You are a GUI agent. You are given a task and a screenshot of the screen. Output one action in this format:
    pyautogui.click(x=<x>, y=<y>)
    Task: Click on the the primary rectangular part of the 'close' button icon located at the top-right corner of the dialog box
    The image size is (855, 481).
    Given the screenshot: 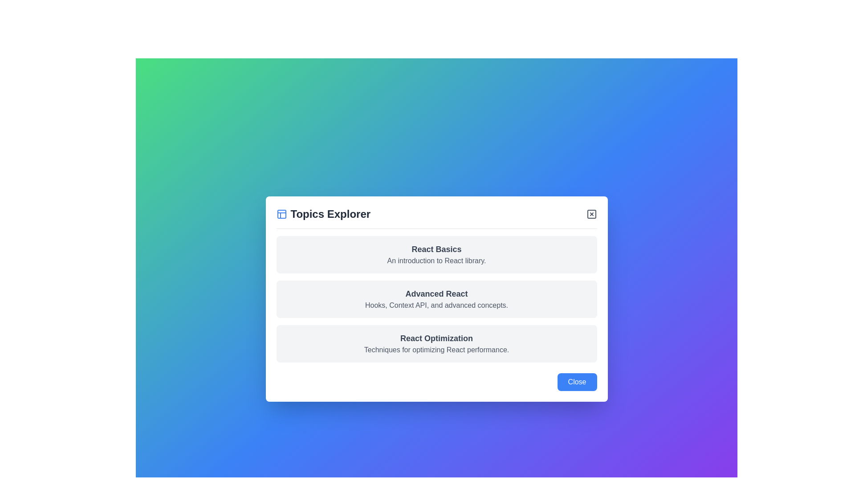 What is the action you would take?
    pyautogui.click(x=591, y=214)
    